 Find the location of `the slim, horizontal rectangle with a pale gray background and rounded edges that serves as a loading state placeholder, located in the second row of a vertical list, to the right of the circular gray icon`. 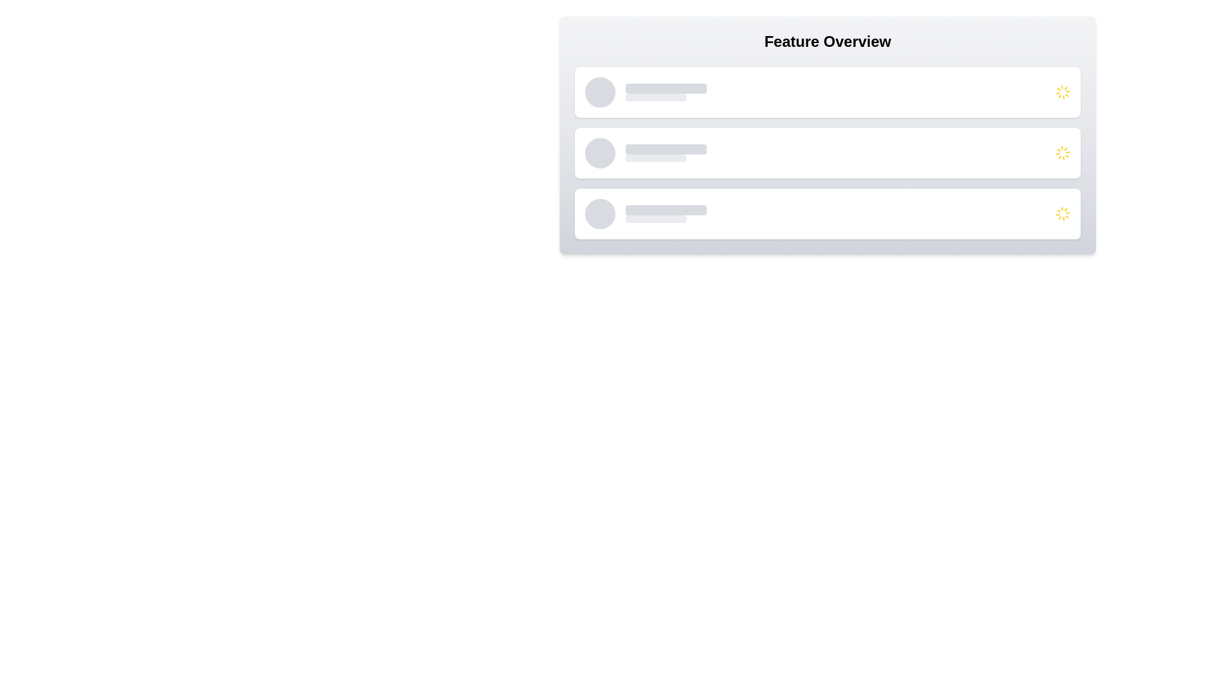

the slim, horizontal rectangle with a pale gray background and rounded edges that serves as a loading state placeholder, located in the second row of a vertical list, to the right of the circular gray icon is located at coordinates (656, 158).